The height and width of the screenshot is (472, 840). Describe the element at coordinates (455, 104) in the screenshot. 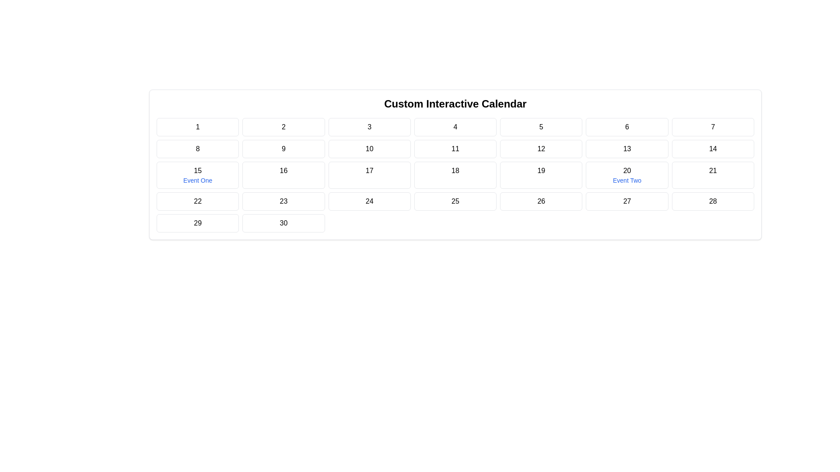

I see `the textual header 'Custom Interactive Calendar', which is styled in bold and located at the top of the interface` at that location.